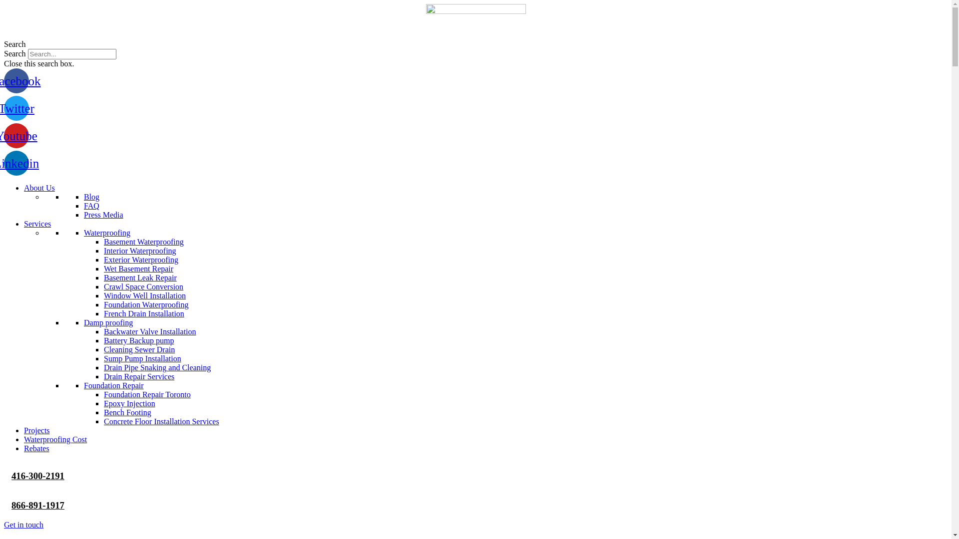 This screenshot has width=959, height=539. Describe the element at coordinates (103, 277) in the screenshot. I see `'Basement Leak Repair'` at that location.